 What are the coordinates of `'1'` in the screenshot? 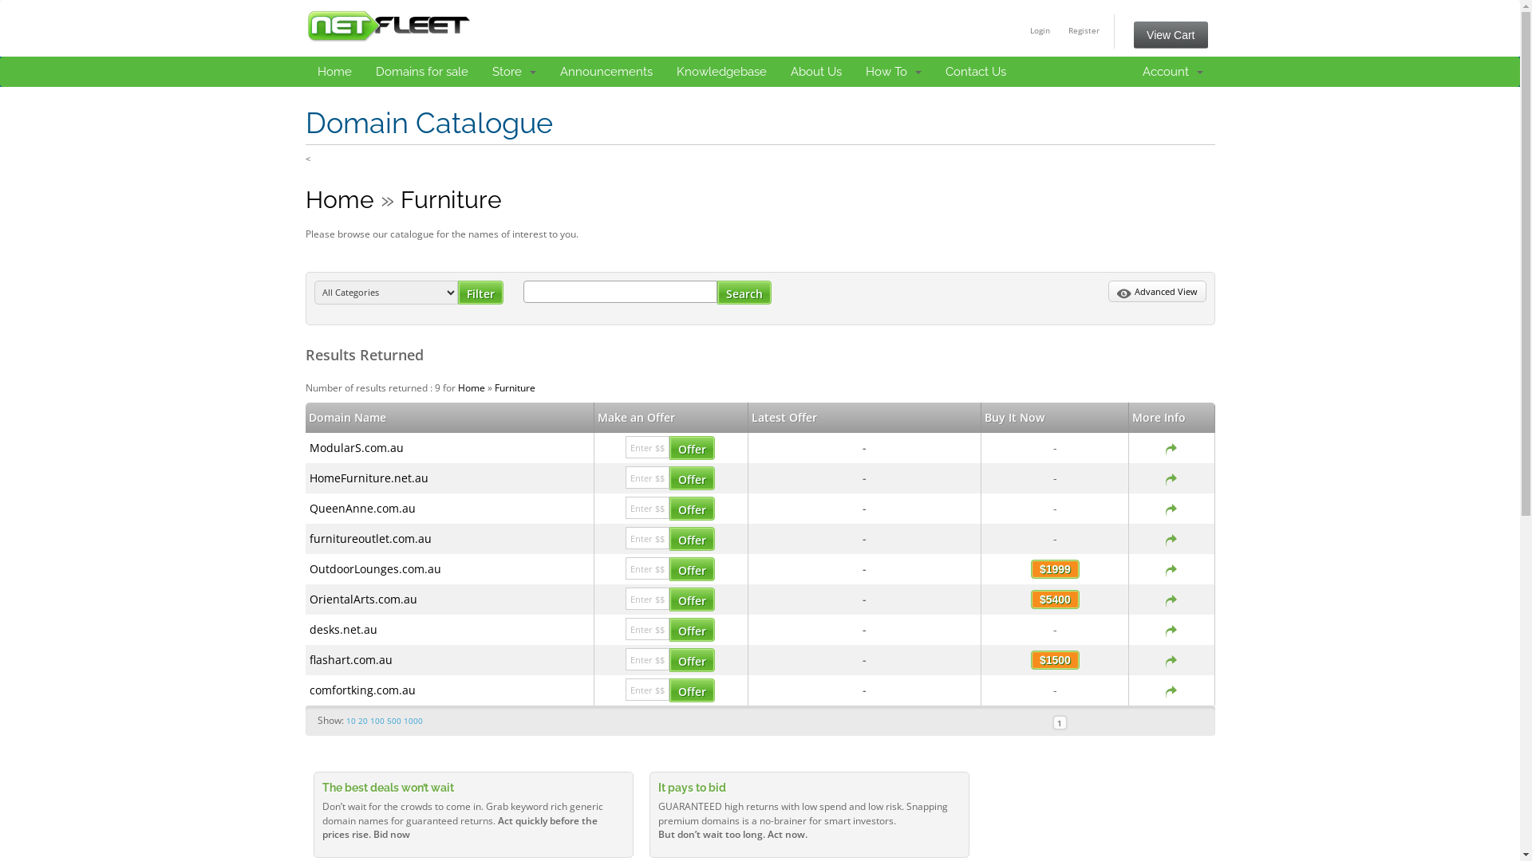 It's located at (1053, 722).